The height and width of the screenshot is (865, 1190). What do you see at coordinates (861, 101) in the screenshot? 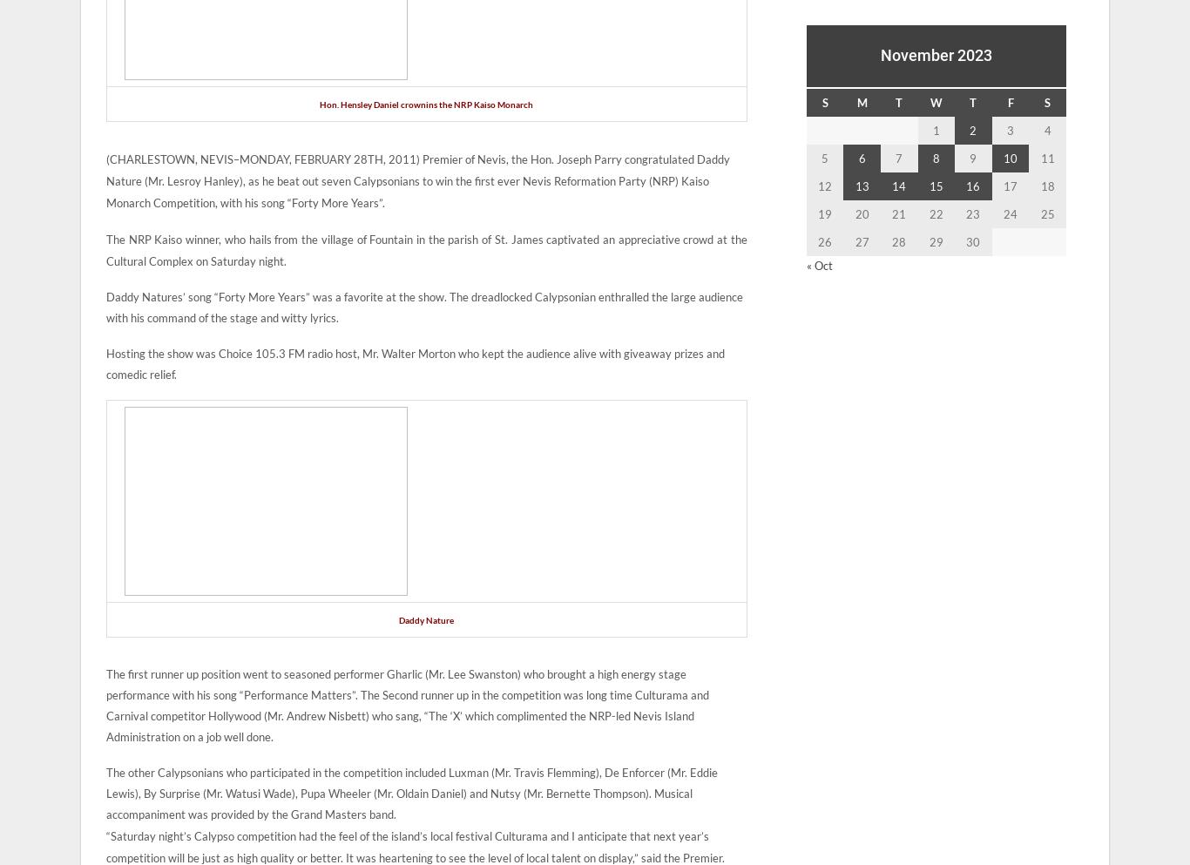
I see `'M'` at bounding box center [861, 101].